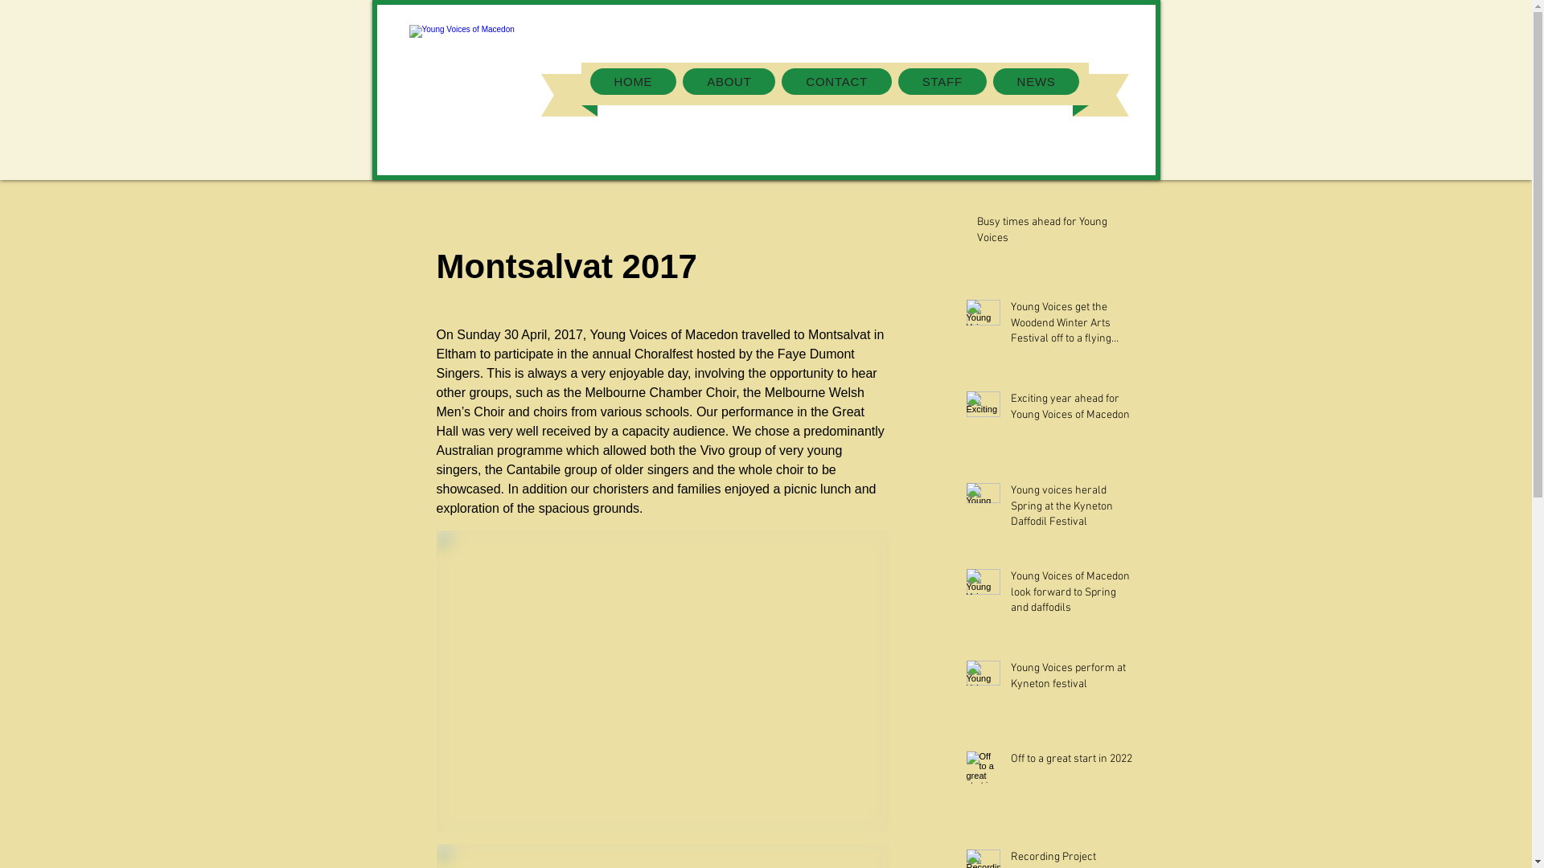 The height and width of the screenshot is (868, 1544). I want to click on 'ABOUT', so click(728, 81).